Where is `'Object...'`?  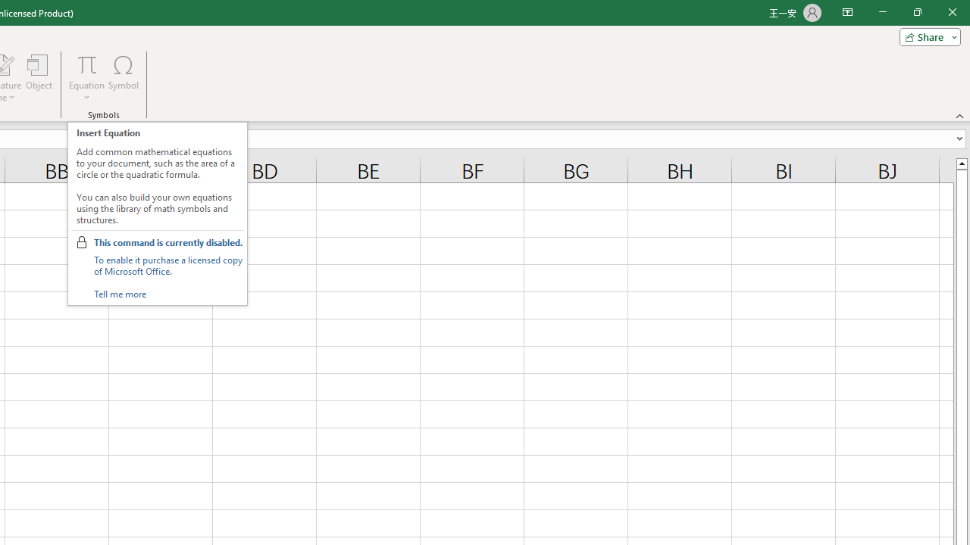 'Object...' is located at coordinates (39, 78).